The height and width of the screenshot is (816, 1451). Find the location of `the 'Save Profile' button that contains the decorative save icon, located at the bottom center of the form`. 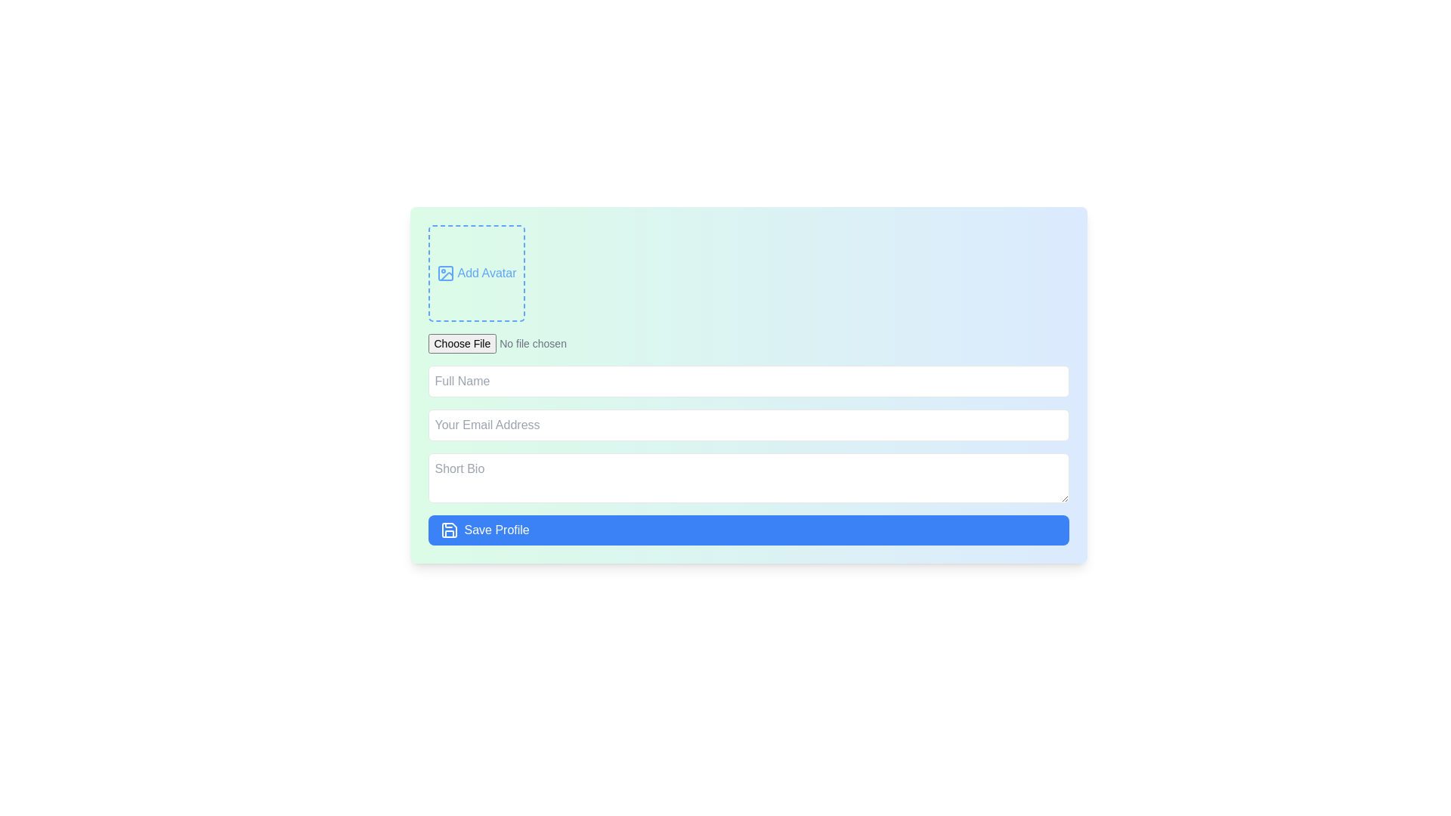

the 'Save Profile' button that contains the decorative save icon, located at the bottom center of the form is located at coordinates (448, 530).